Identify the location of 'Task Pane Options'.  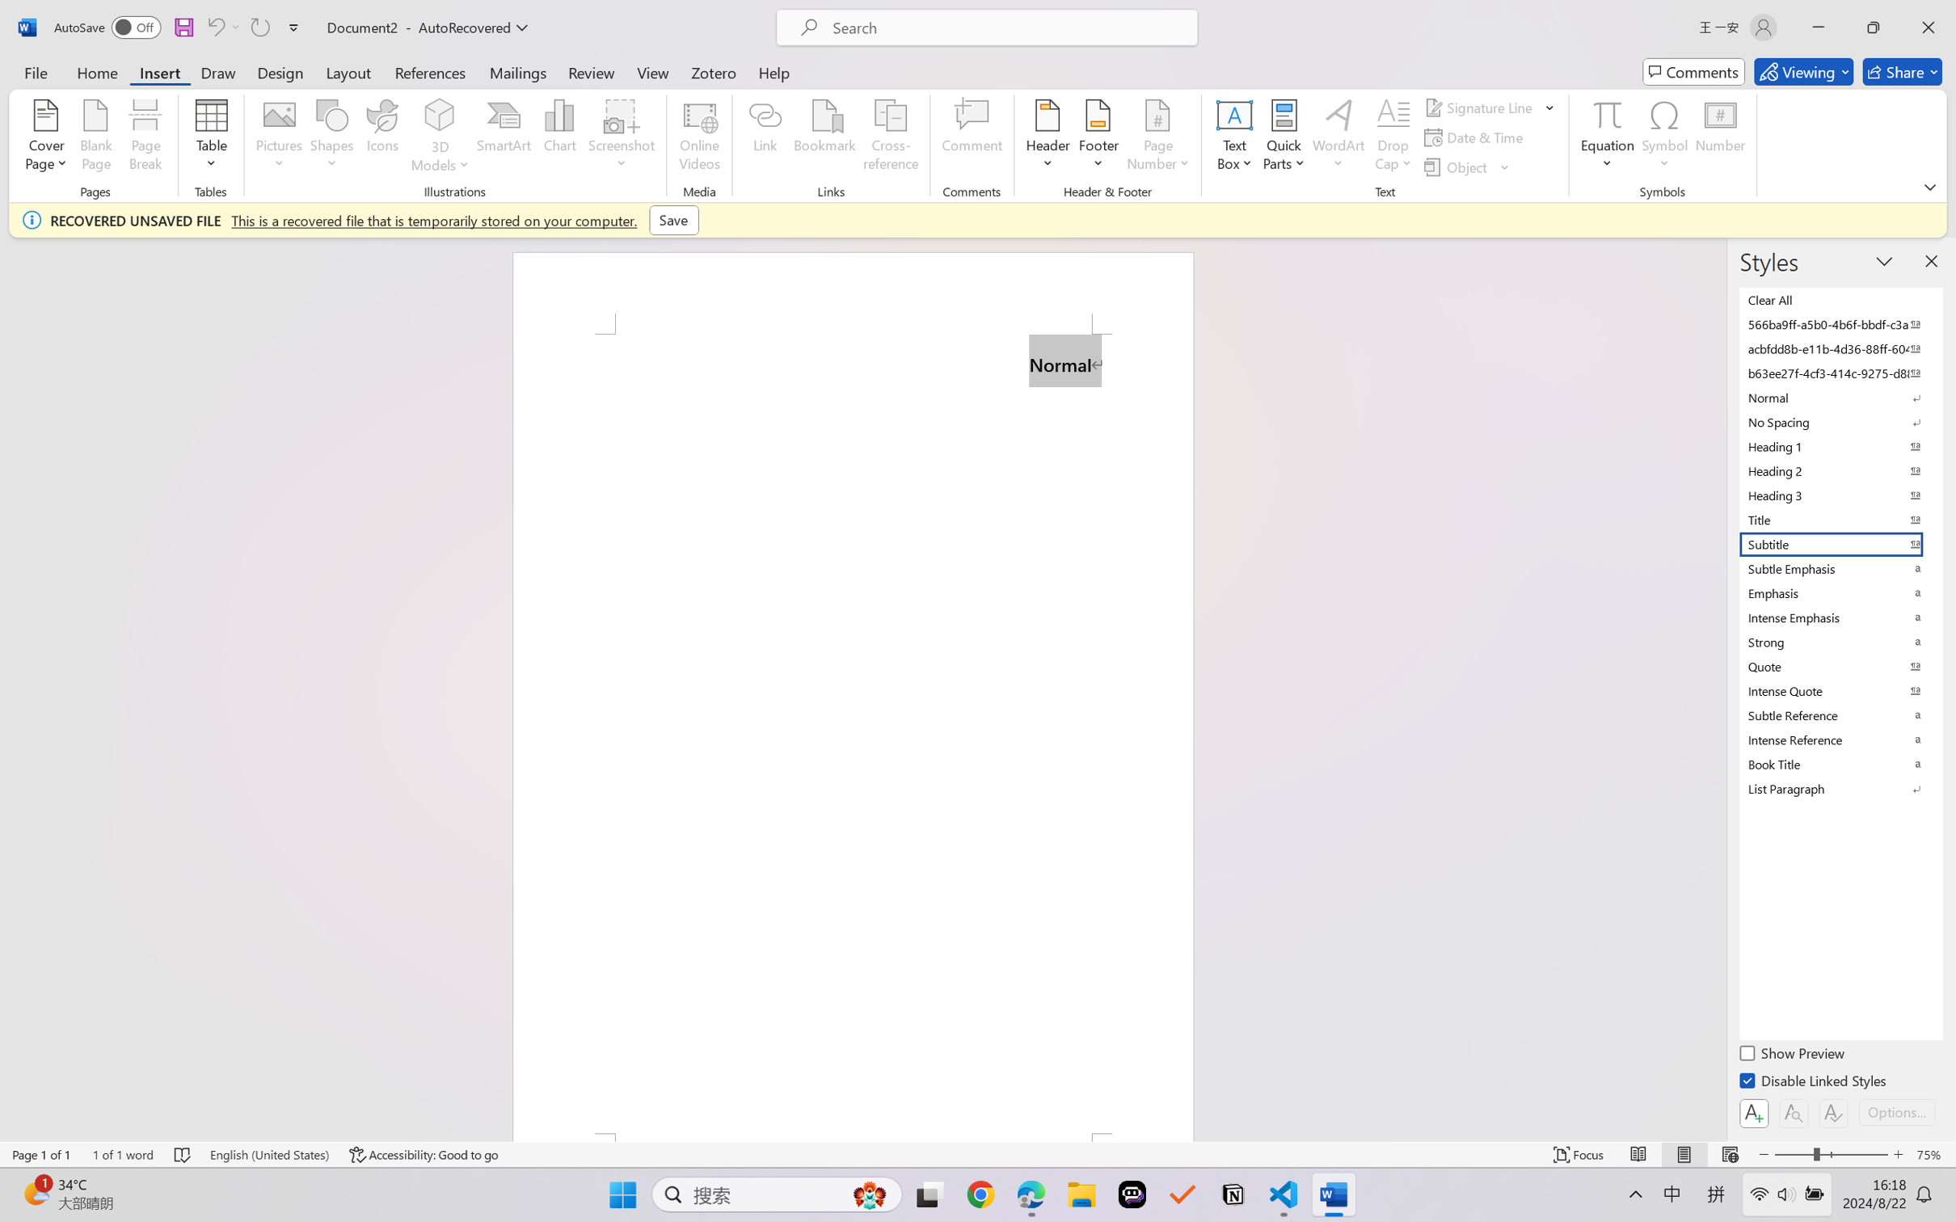
(1884, 260).